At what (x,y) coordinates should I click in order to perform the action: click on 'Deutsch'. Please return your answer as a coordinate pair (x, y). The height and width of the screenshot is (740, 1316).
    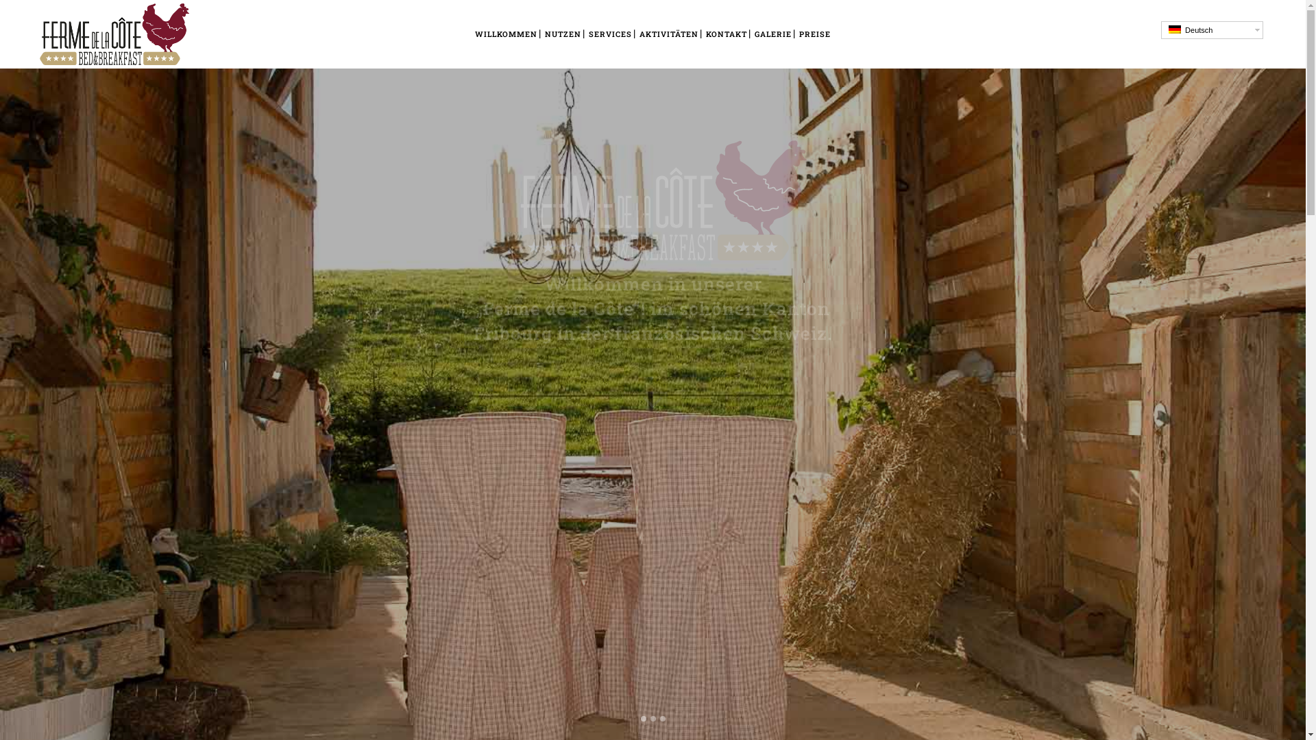
    Looking at the image, I should click on (1173, 29).